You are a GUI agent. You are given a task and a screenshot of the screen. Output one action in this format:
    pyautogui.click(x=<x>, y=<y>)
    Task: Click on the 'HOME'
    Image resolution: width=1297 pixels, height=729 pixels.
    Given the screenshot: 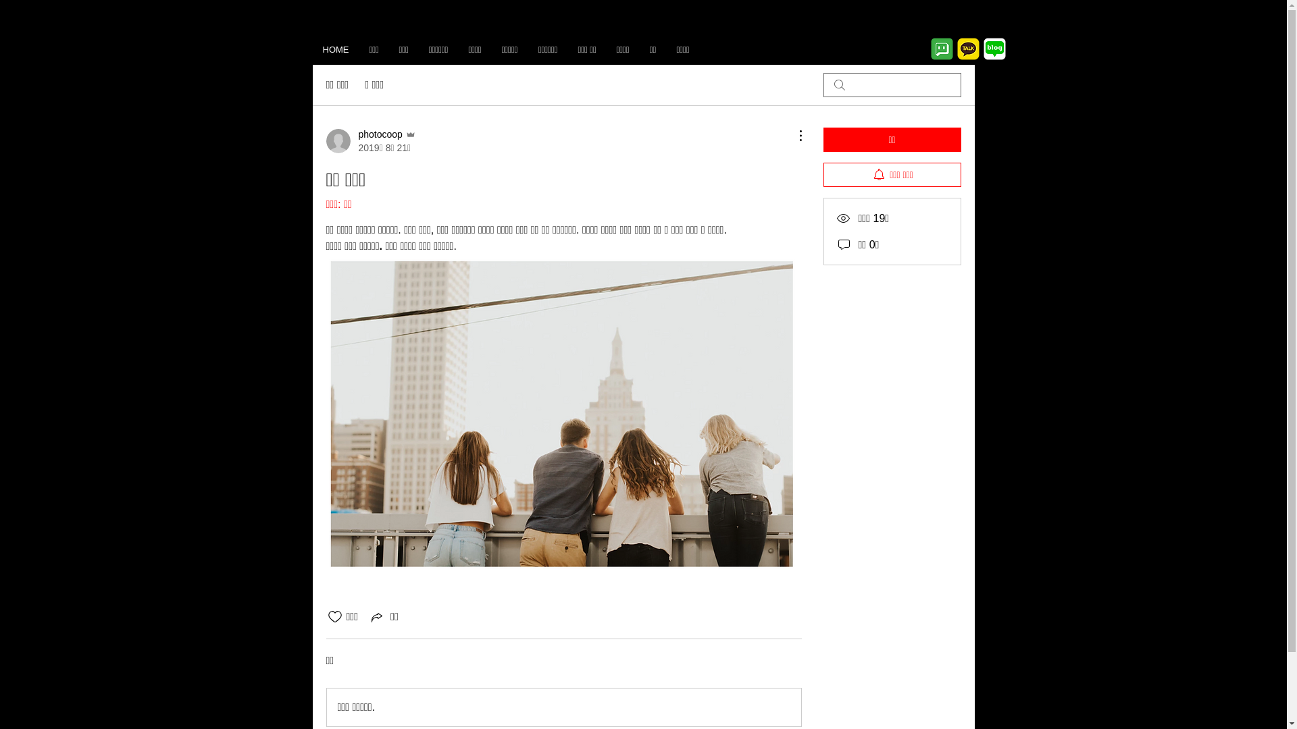 What is the action you would take?
    pyautogui.click(x=335, y=49)
    